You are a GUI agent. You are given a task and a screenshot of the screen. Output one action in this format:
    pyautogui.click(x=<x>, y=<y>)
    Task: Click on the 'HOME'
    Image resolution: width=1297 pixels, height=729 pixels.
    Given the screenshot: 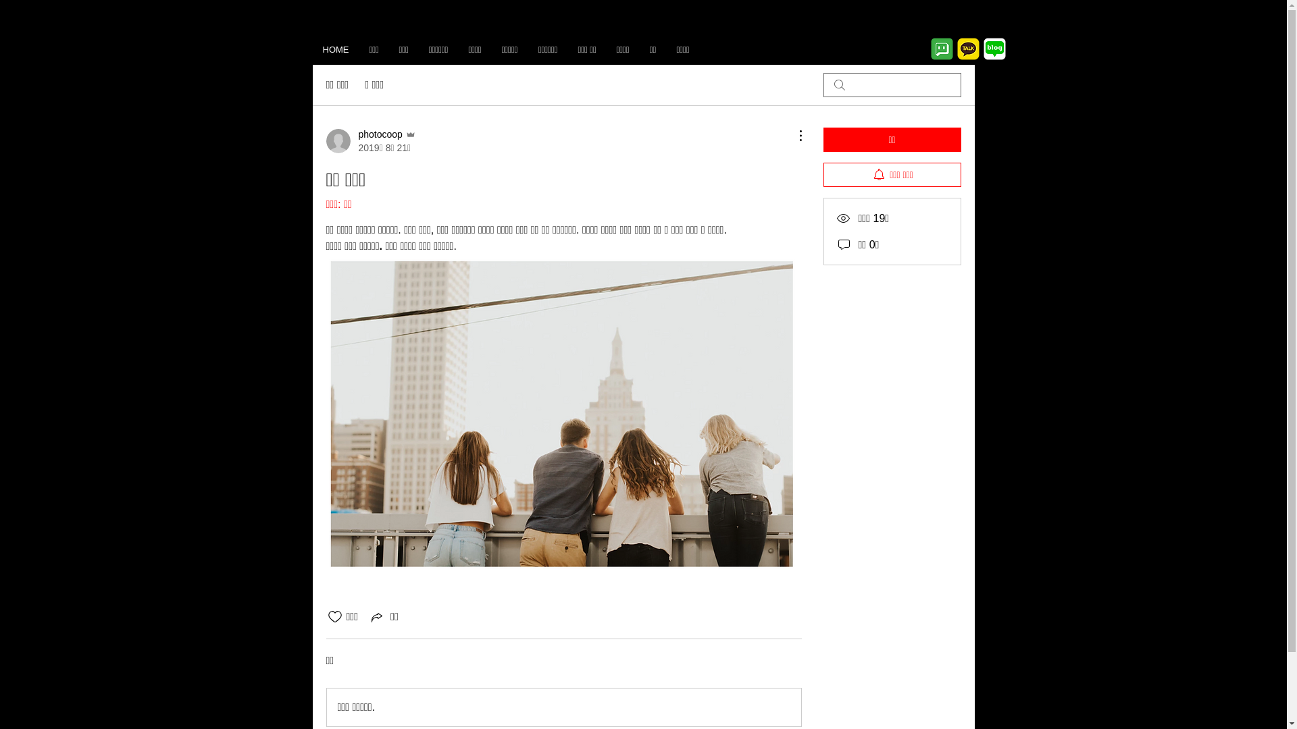 What is the action you would take?
    pyautogui.click(x=335, y=49)
    